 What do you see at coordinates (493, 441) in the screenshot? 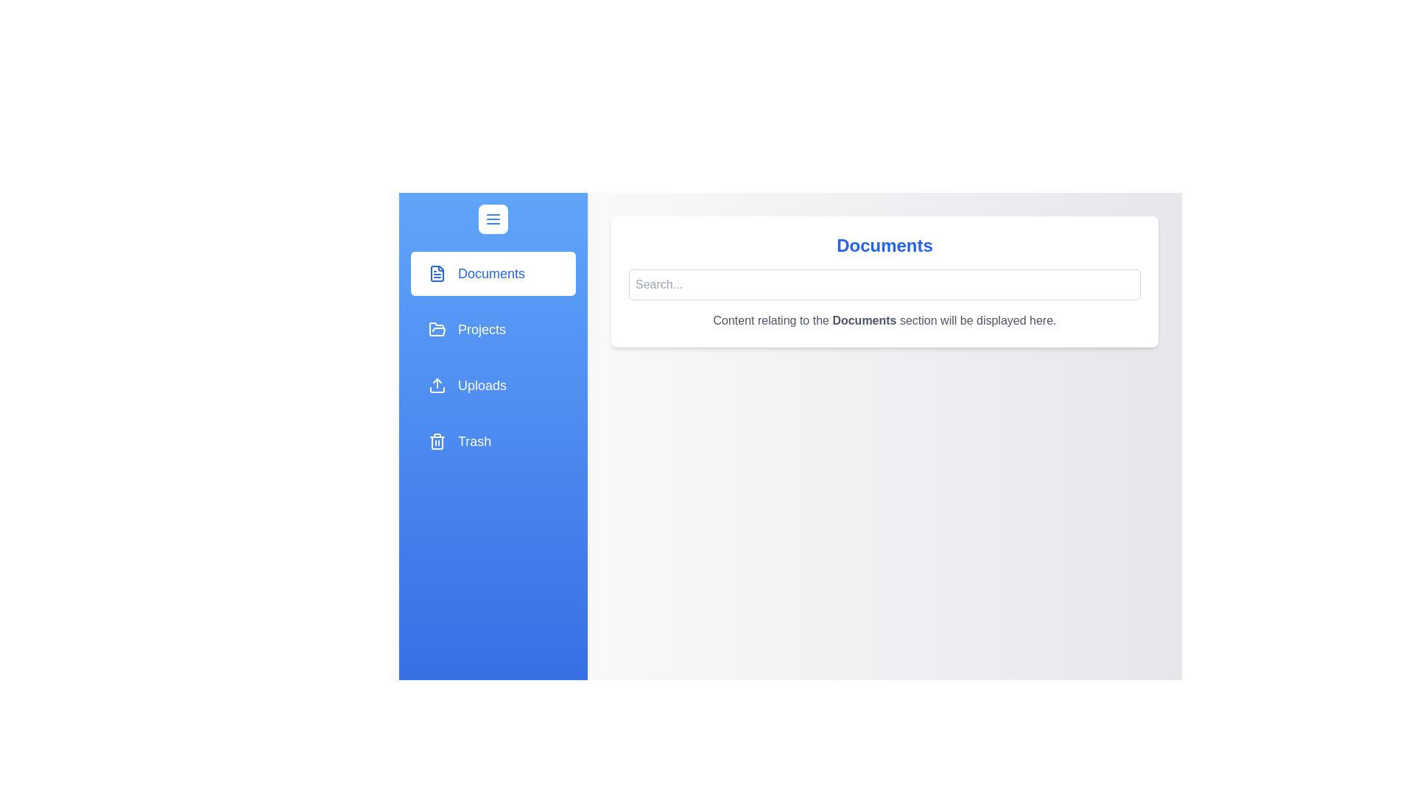
I see `the section Trash from the list` at bounding box center [493, 441].